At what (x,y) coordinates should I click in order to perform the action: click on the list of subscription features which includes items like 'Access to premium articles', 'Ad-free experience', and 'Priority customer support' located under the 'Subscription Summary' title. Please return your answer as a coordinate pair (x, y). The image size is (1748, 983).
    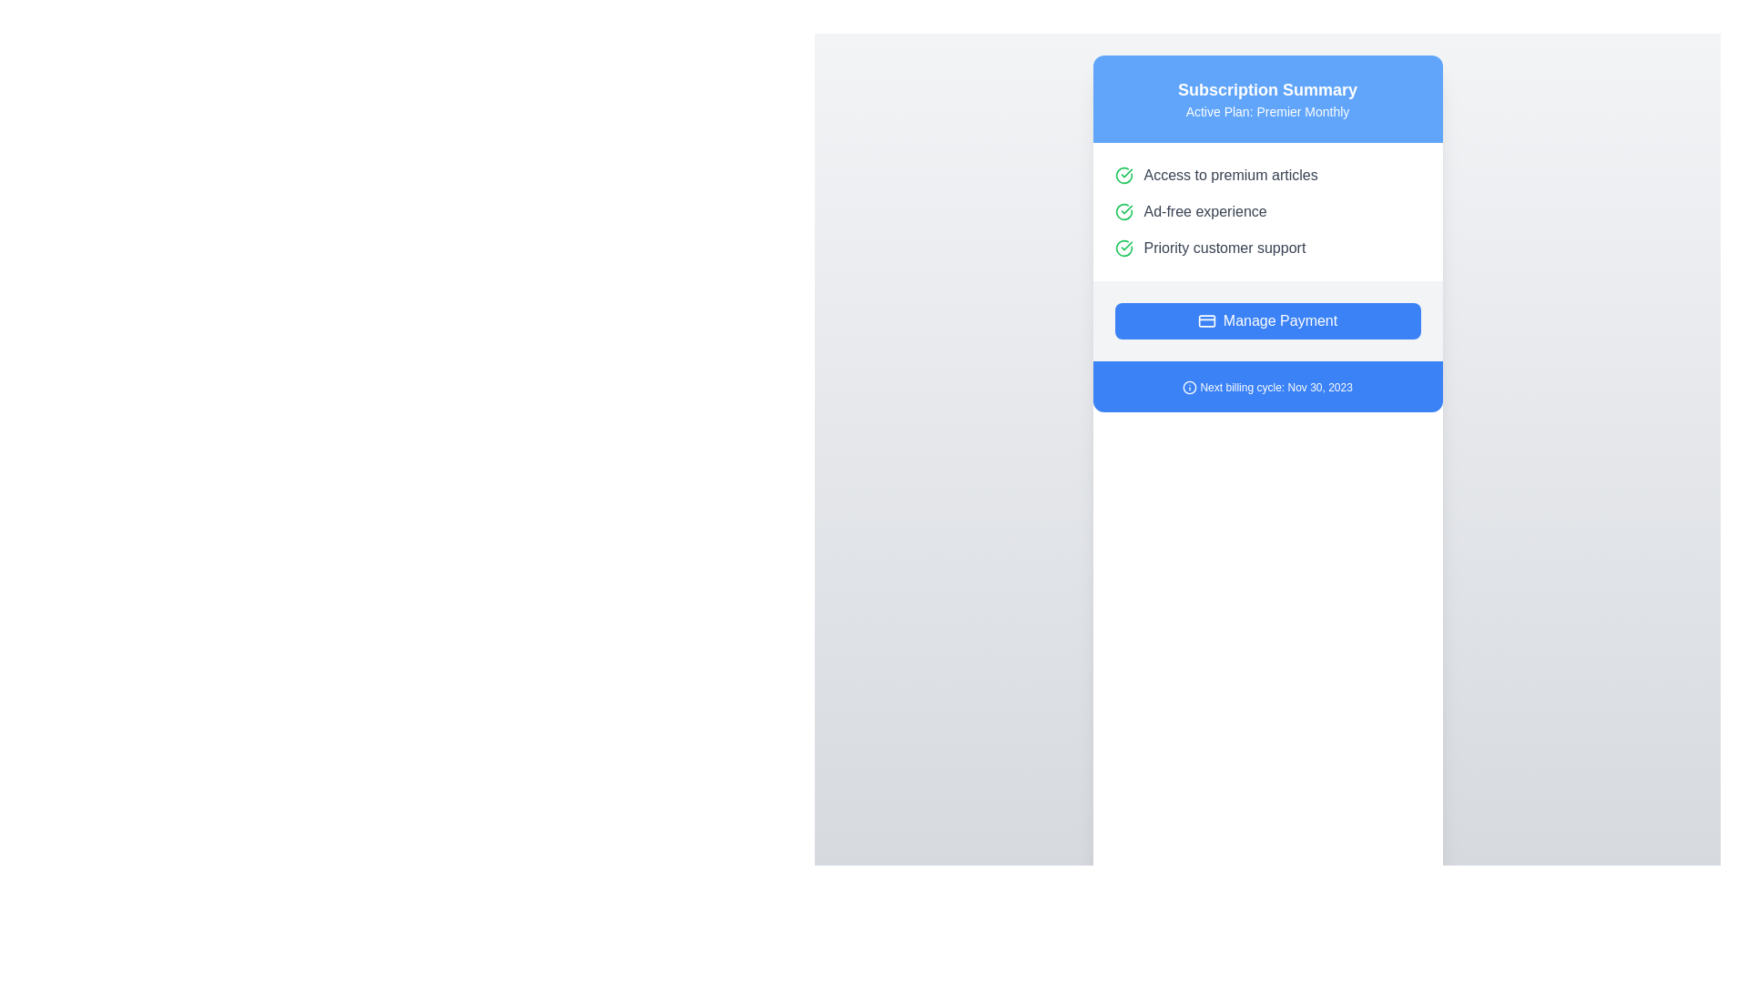
    Looking at the image, I should click on (1266, 210).